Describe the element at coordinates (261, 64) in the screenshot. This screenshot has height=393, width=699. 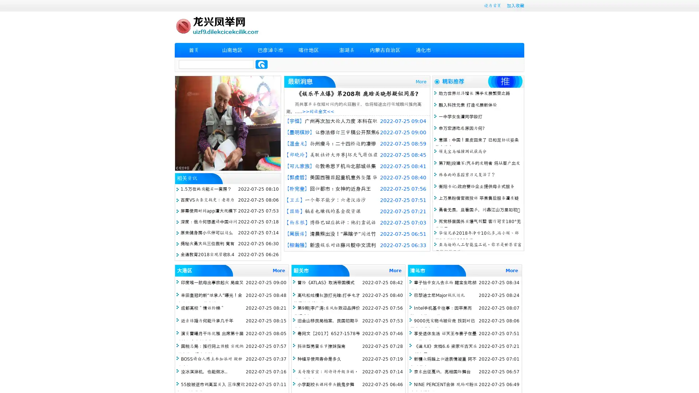
I see `Search` at that location.